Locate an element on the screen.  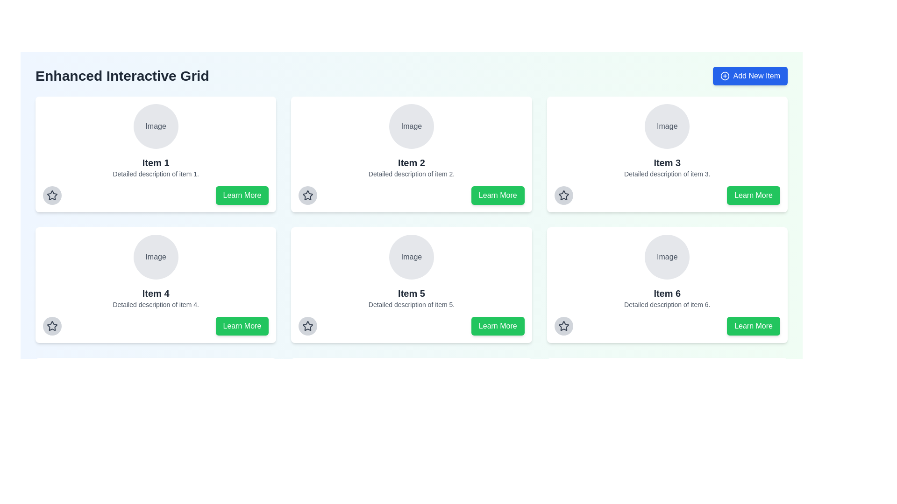
the 'Learn More' button with a green background and white text to observe the hover effect is located at coordinates (242, 325).